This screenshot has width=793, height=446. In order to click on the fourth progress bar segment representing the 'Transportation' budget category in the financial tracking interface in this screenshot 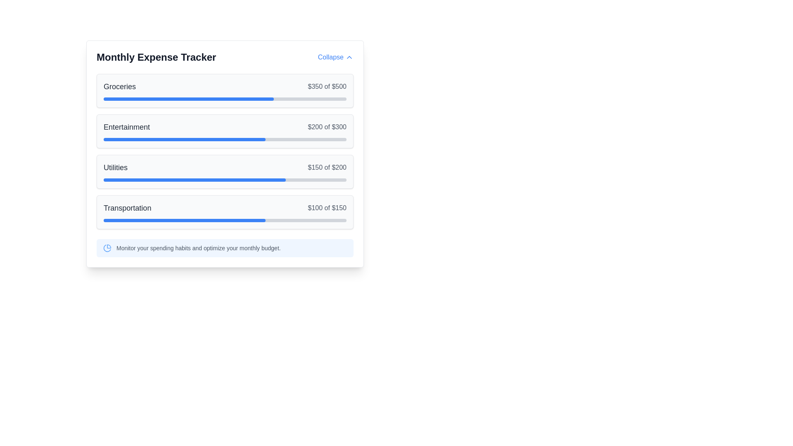, I will do `click(184, 220)`.